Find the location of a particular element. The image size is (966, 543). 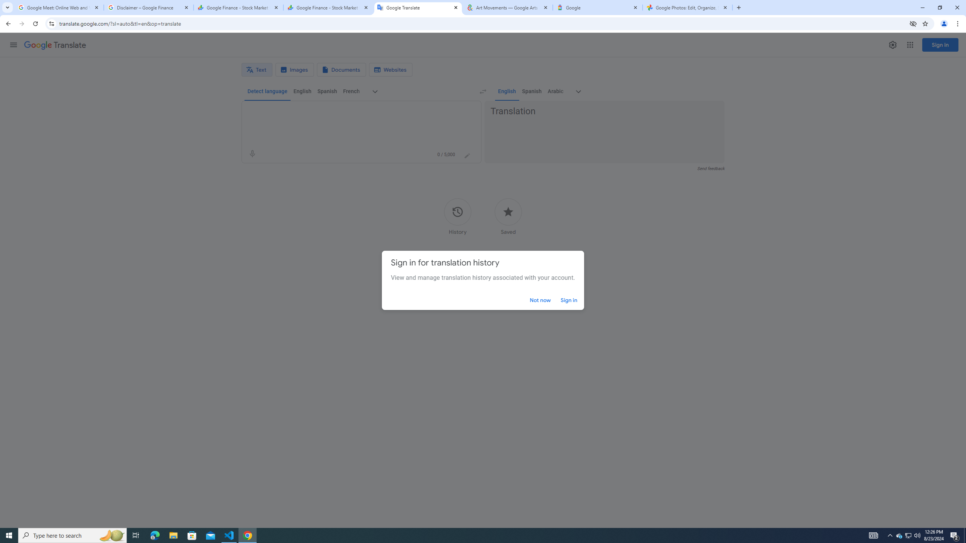

'Not now' is located at coordinates (540, 299).